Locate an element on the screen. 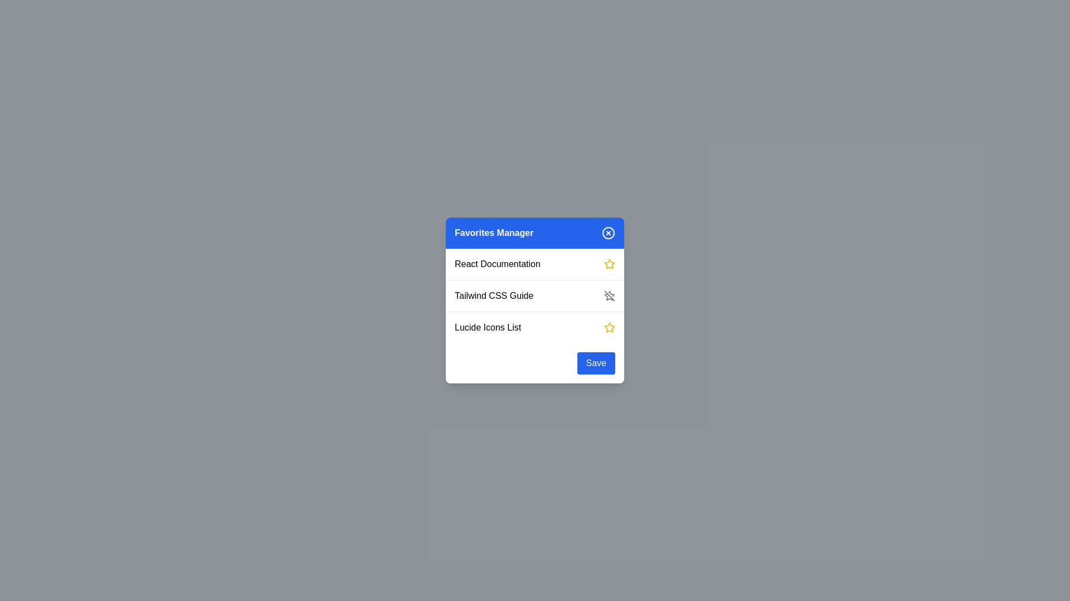 This screenshot has width=1070, height=601. the star icon to toggle the favorite status of the item Tailwind CSS Guide is located at coordinates (609, 295).